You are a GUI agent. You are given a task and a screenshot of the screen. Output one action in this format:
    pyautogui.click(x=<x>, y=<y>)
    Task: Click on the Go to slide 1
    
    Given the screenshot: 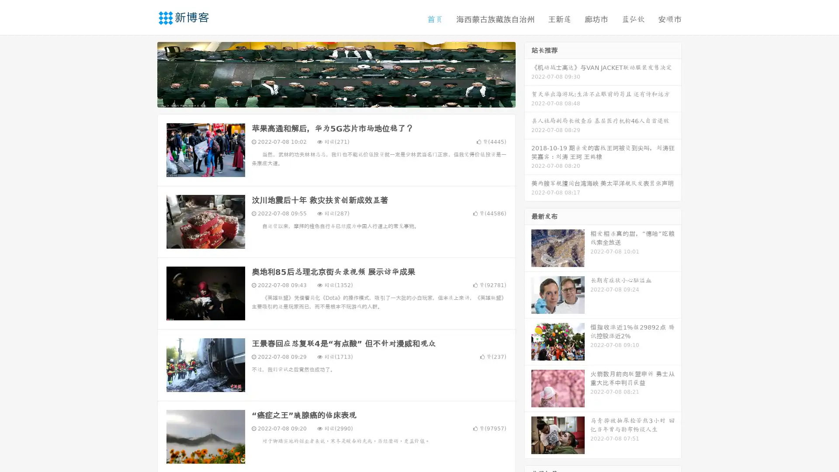 What is the action you would take?
    pyautogui.click(x=327, y=98)
    